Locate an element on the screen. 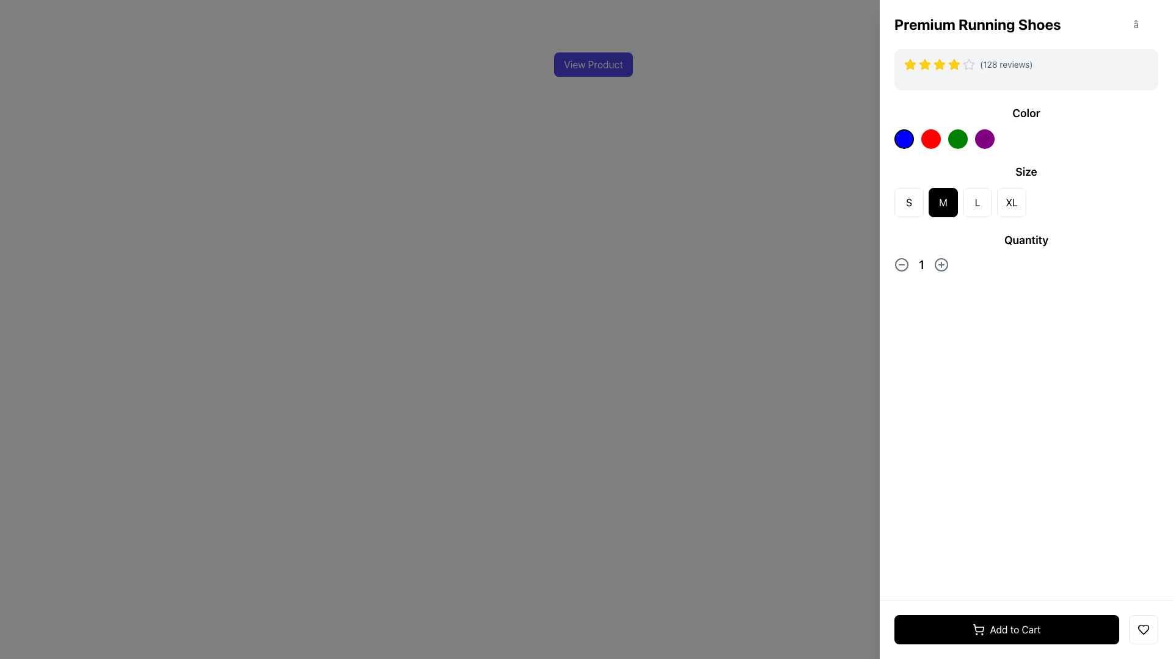 This screenshot has height=659, width=1173. the button labeled 'Premium Running Shoes' to observe its hover effects is located at coordinates (593, 64).